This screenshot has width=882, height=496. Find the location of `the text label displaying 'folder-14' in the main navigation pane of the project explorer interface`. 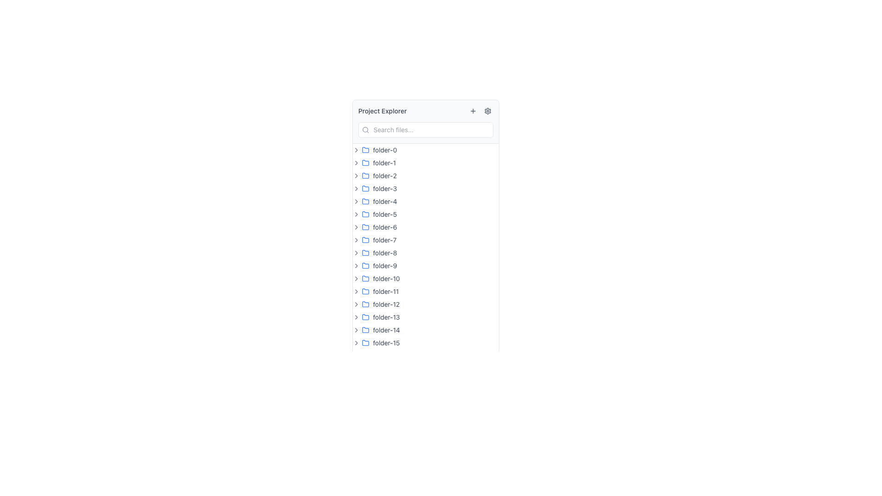

the text label displaying 'folder-14' in the main navigation pane of the project explorer interface is located at coordinates (386, 329).